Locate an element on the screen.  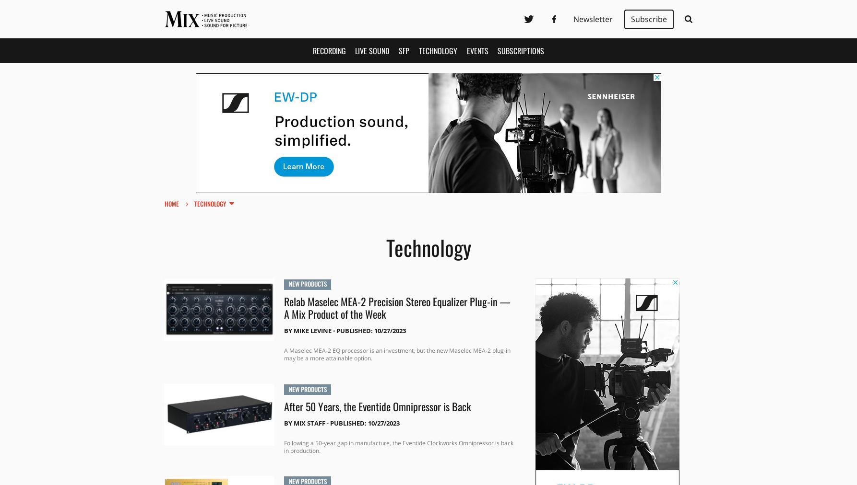
'Subscribe' is located at coordinates (648, 18).